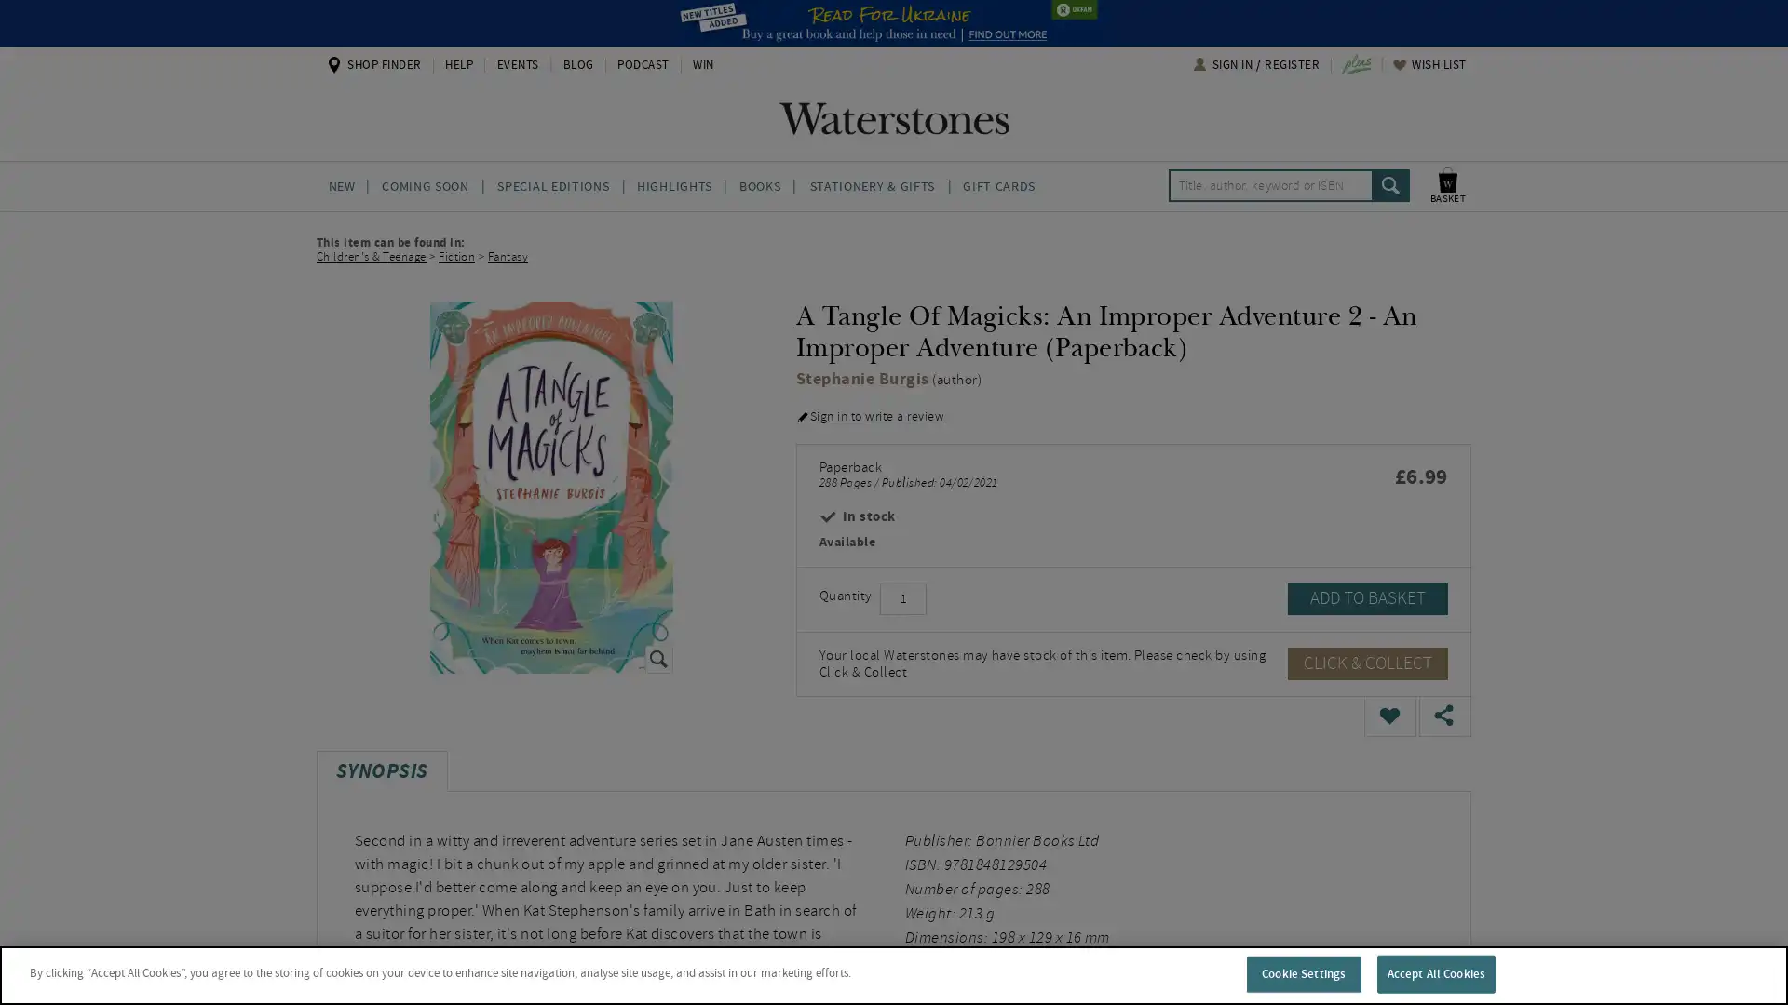 This screenshot has height=1005, width=1788. I want to click on ADD TO BASKET, so click(1367, 597).